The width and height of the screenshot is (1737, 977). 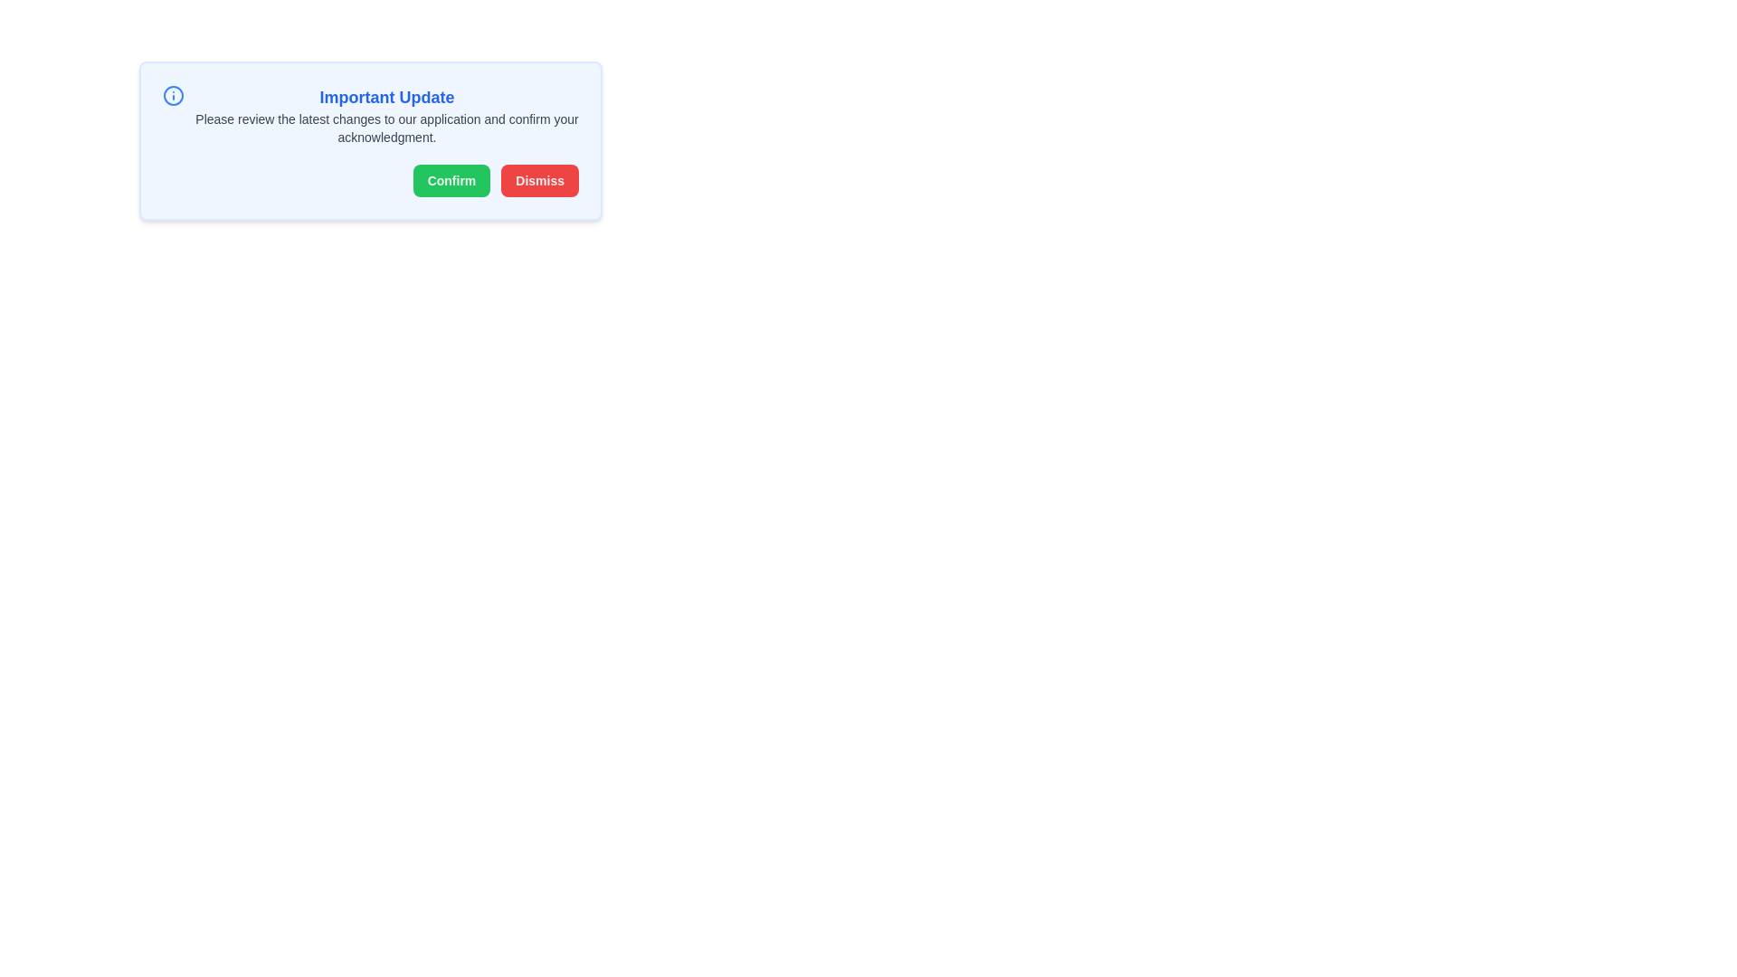 What do you see at coordinates (174, 95) in the screenshot?
I see `the visual representation of the filled blue circle with a white border that is part of the informational icon located at the top-left section of the notification card` at bounding box center [174, 95].